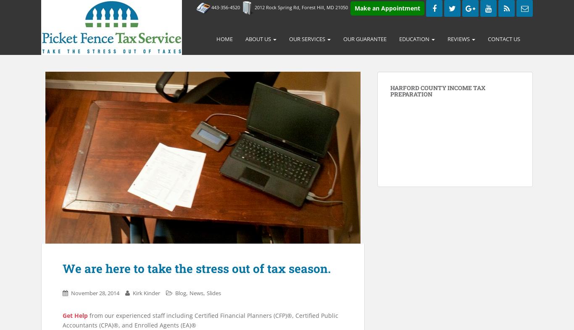  Describe the element at coordinates (95, 292) in the screenshot. I see `'November 28, 2014'` at that location.